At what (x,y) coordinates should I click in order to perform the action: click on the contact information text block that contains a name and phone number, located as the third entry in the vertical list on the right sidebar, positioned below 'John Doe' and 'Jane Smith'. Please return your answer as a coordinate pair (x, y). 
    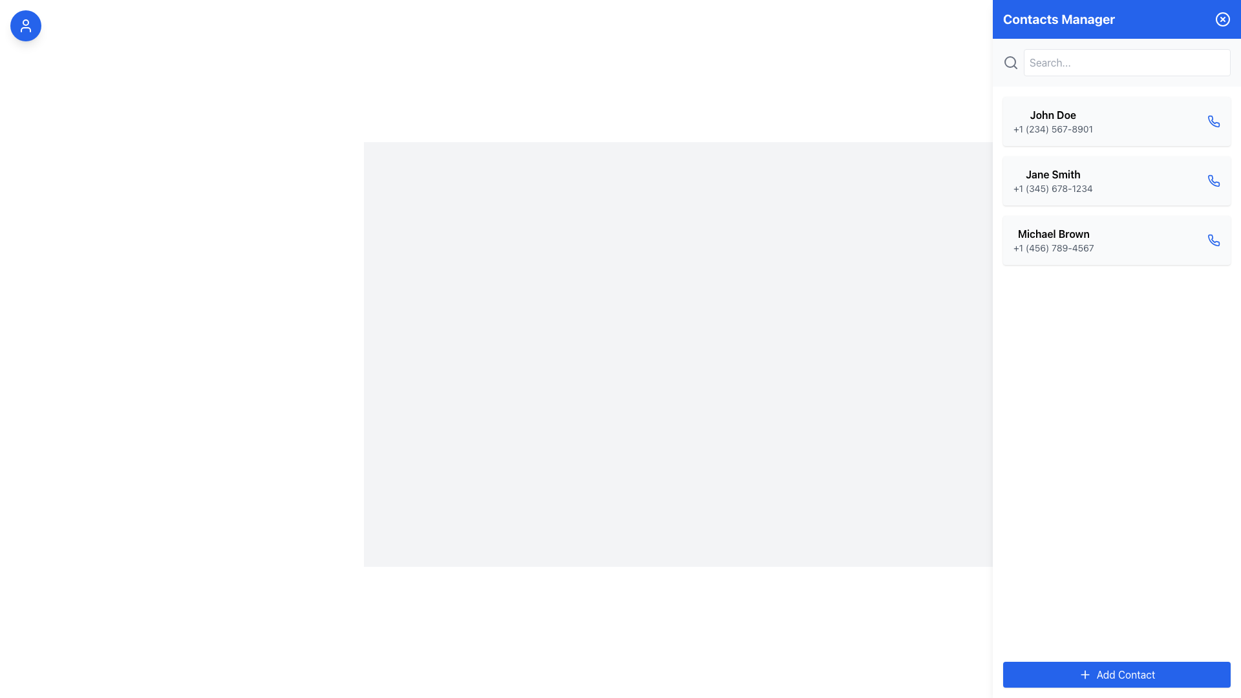
    Looking at the image, I should click on (1054, 240).